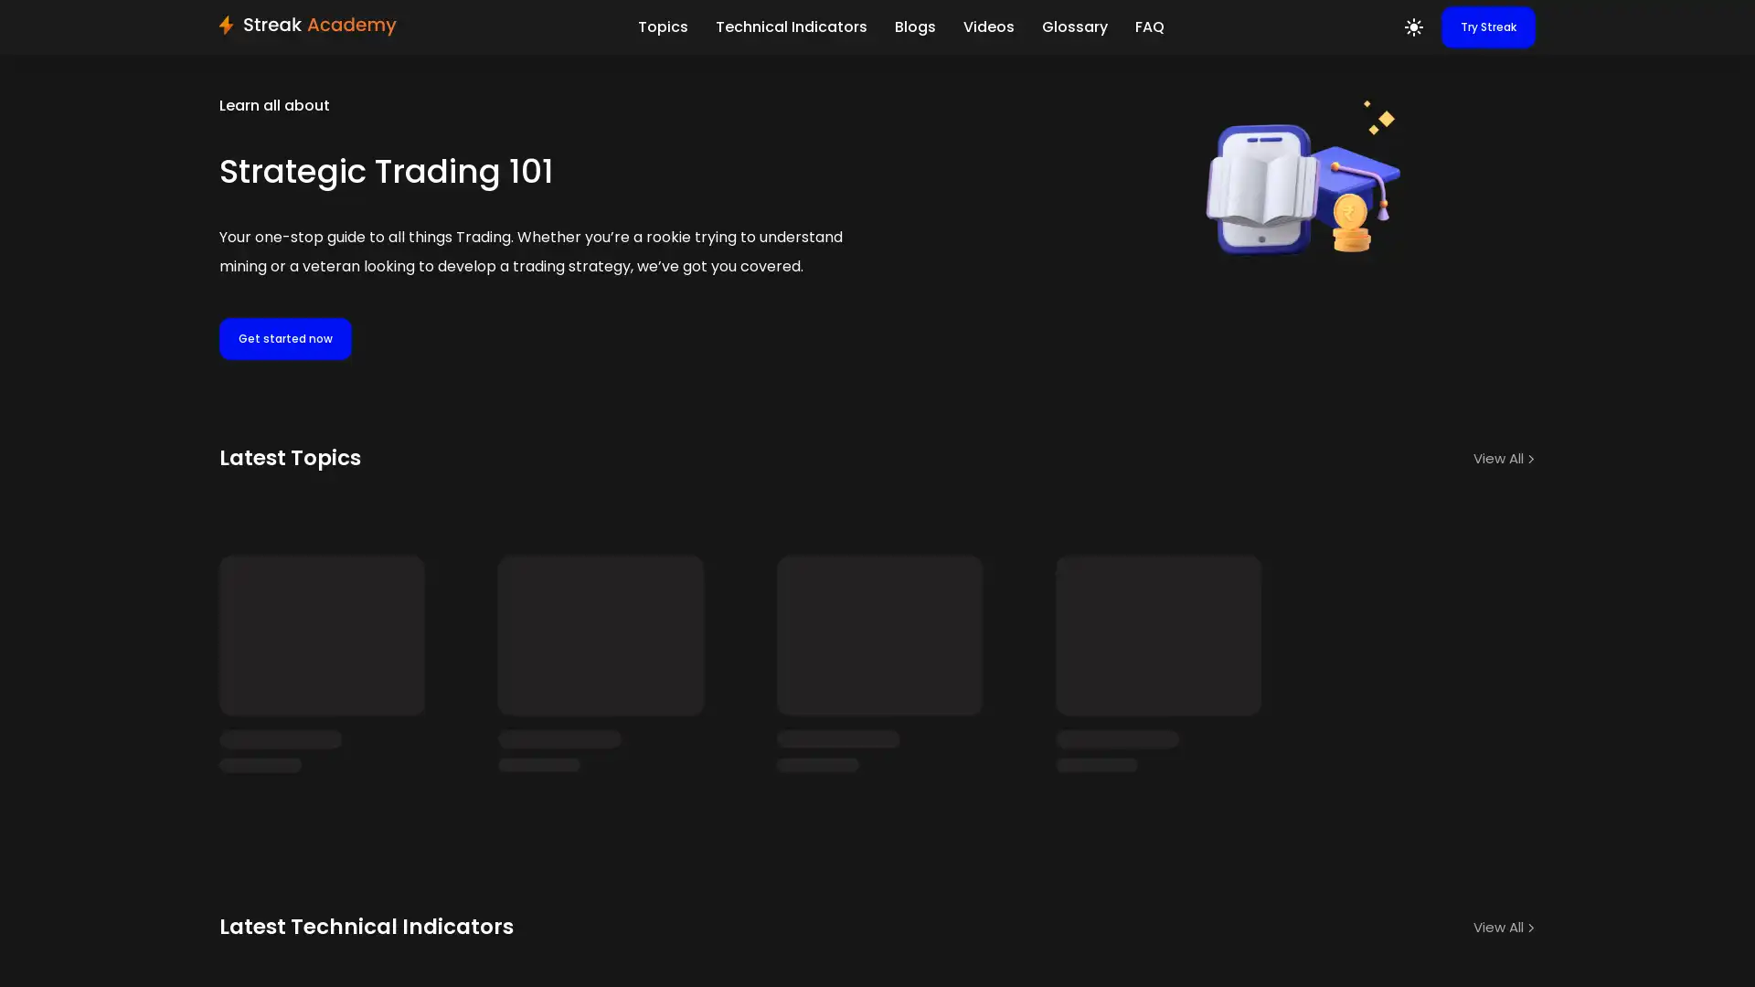 The width and height of the screenshot is (1755, 987). I want to click on Videos, so click(986, 27).